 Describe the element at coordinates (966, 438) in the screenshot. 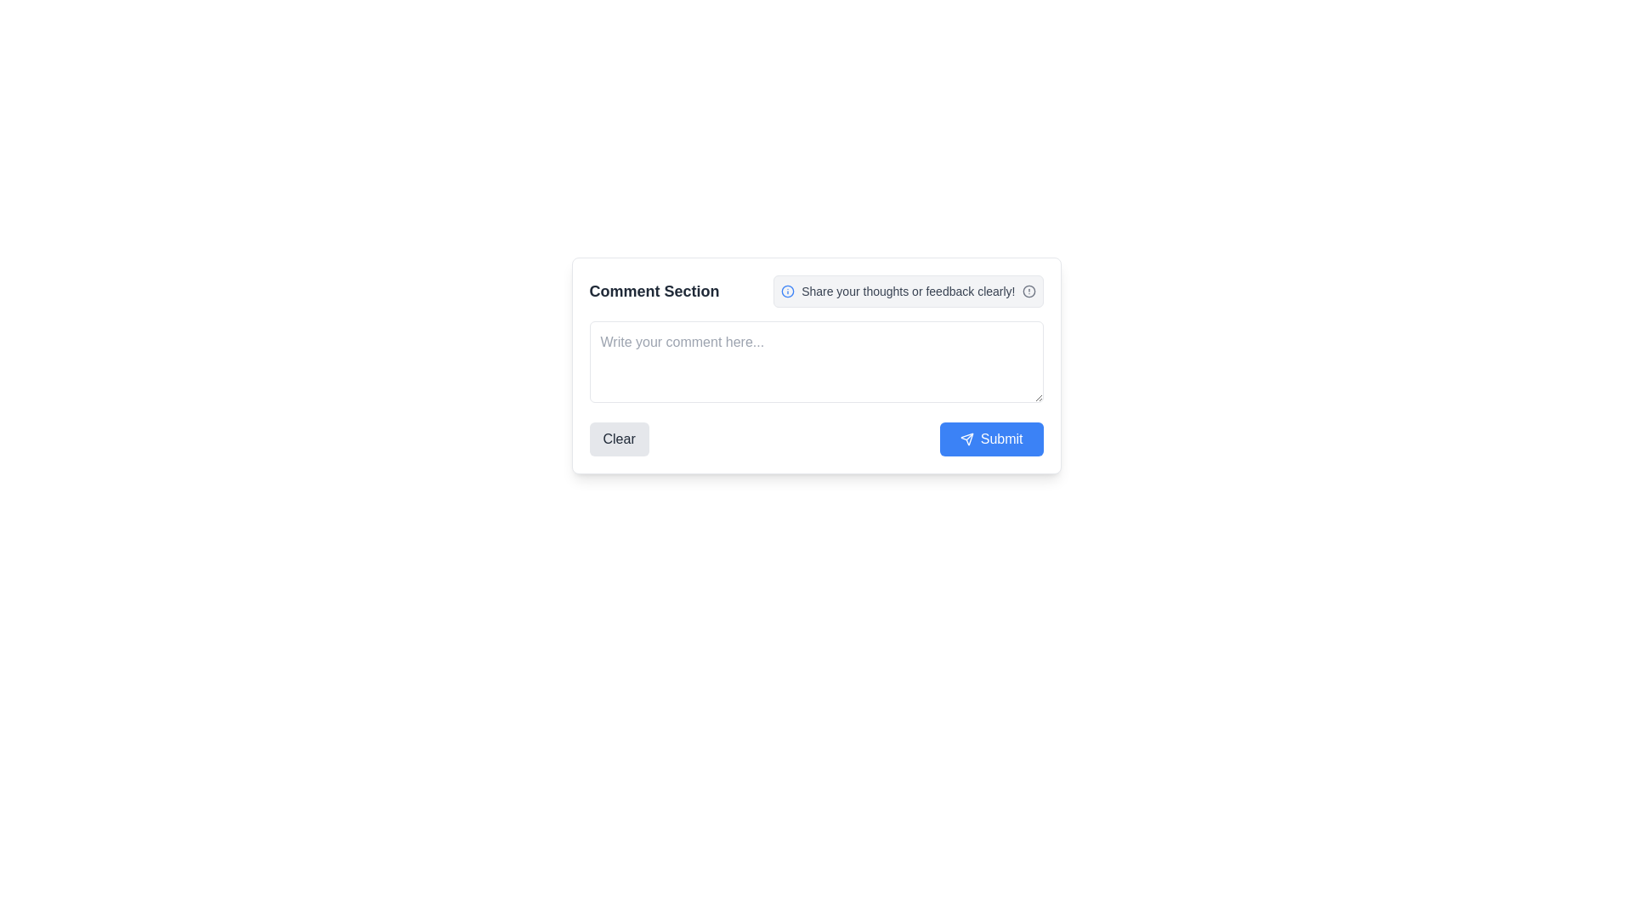

I see `the paper airplane icon within the 'Submit' button located at the bottom-right of the 'Comment Section' card` at that location.